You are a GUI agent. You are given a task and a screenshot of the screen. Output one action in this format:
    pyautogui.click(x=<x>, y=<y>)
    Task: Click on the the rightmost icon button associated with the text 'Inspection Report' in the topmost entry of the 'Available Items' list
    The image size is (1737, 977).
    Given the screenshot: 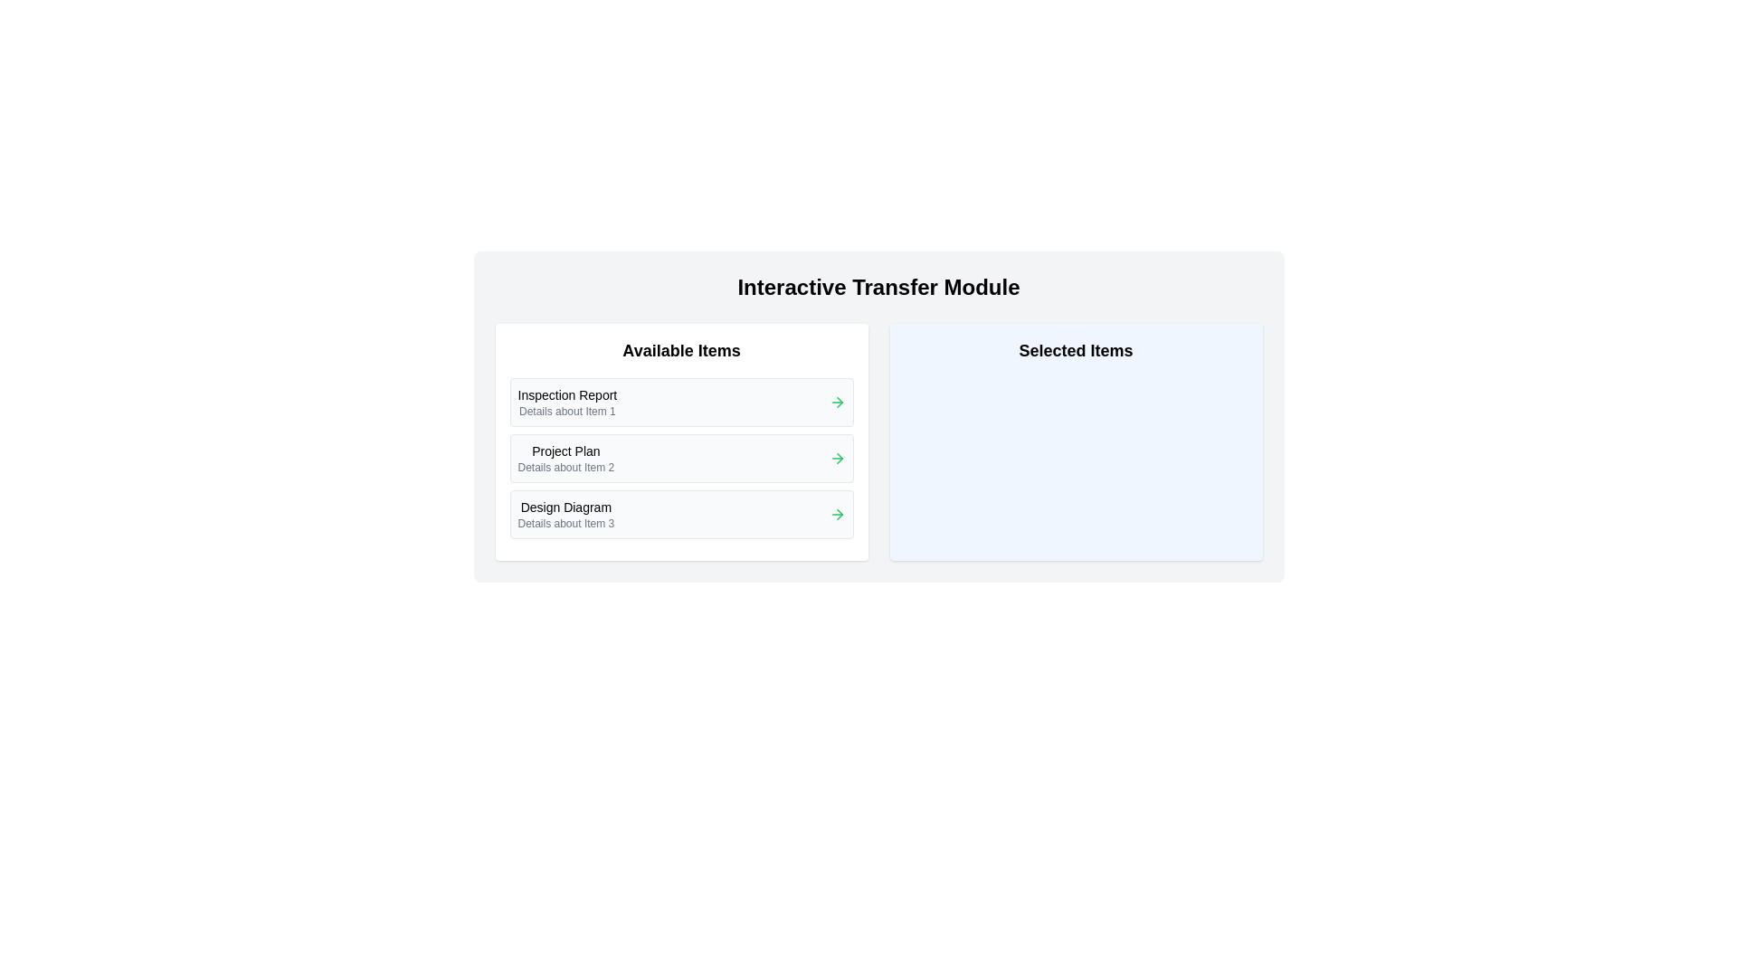 What is the action you would take?
    pyautogui.click(x=836, y=401)
    